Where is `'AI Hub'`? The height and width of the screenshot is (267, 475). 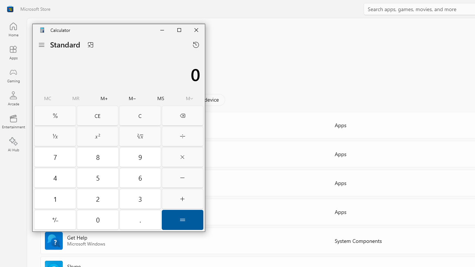 'AI Hub' is located at coordinates (13, 145).